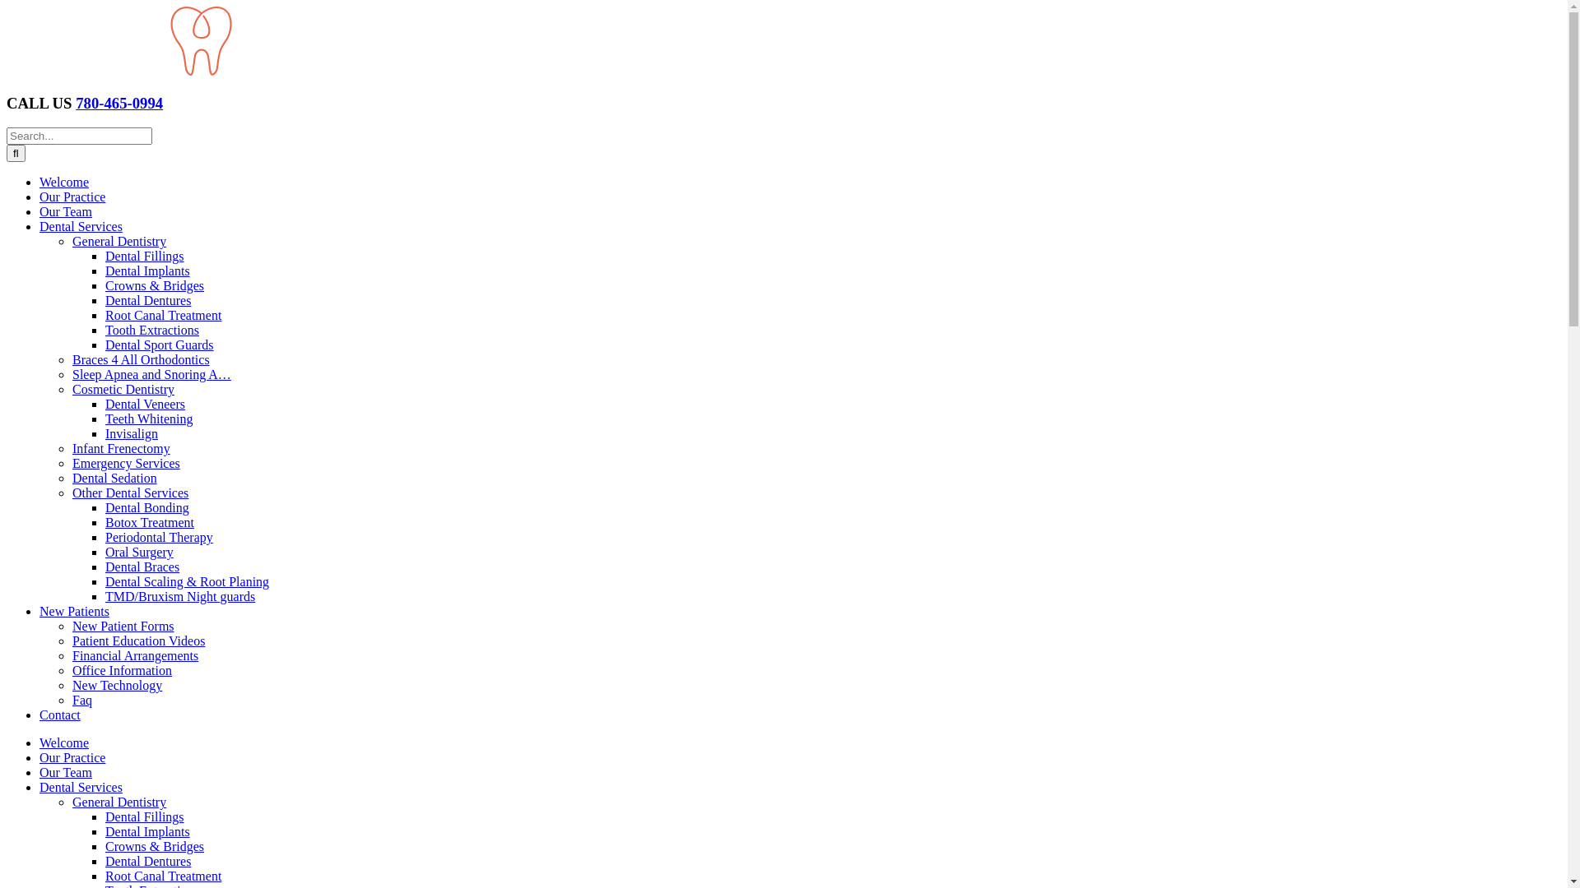  I want to click on 'Dental Sedation', so click(114, 478).